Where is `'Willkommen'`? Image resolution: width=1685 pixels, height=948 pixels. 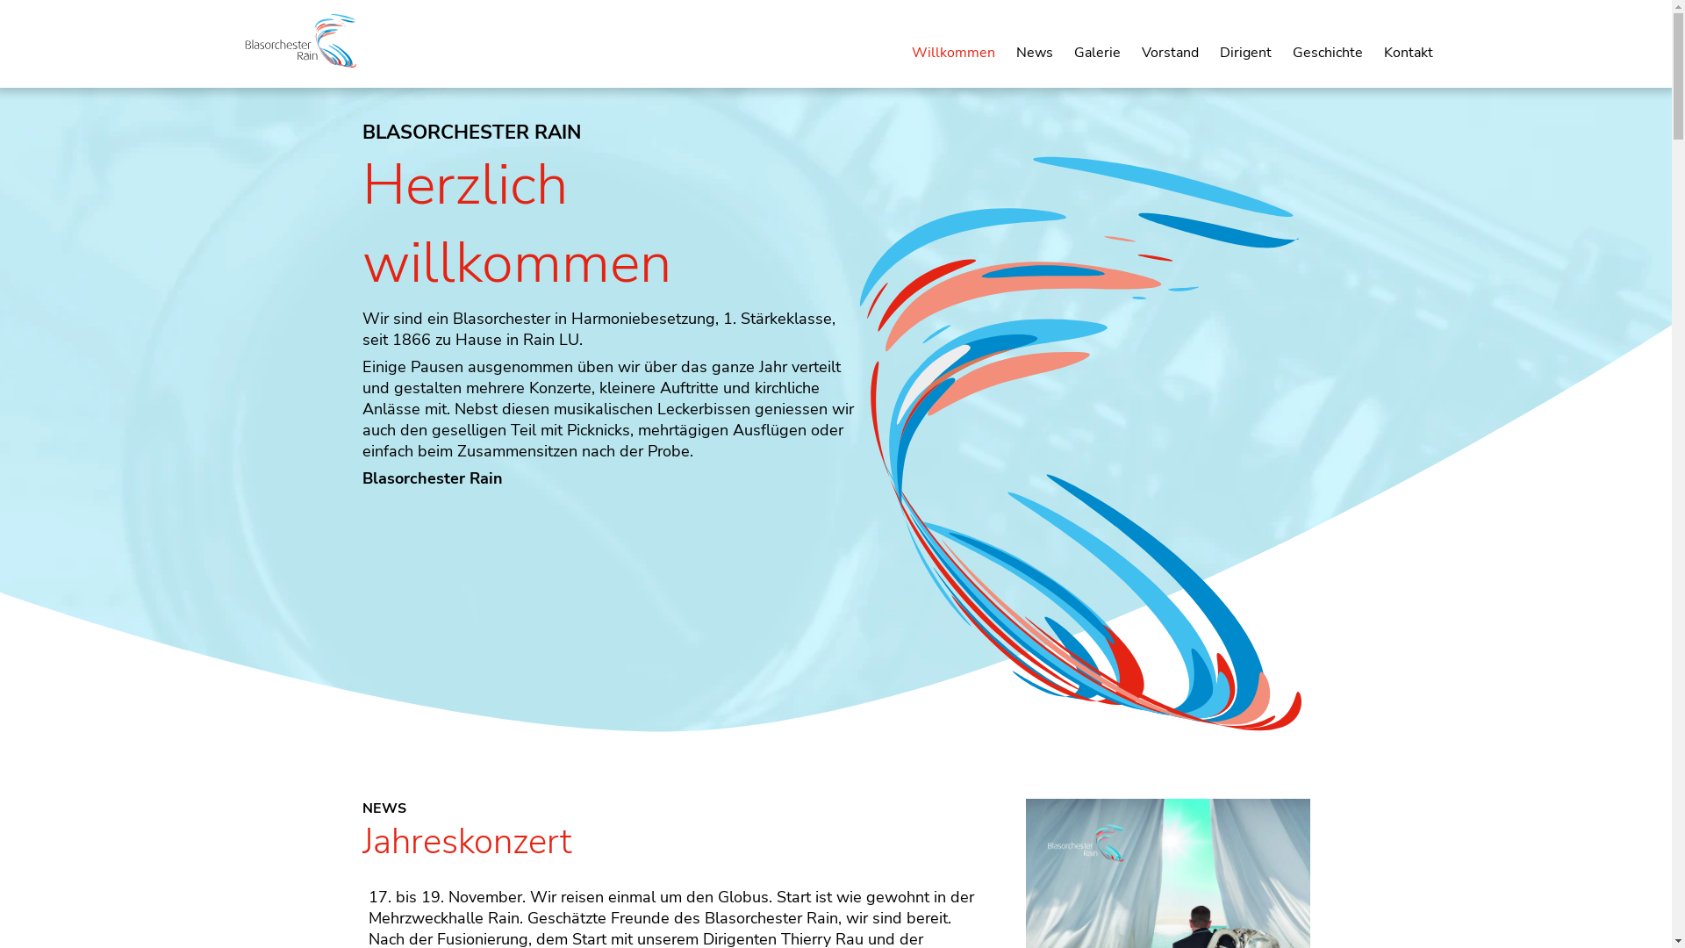 'Willkommen' is located at coordinates (951, 52).